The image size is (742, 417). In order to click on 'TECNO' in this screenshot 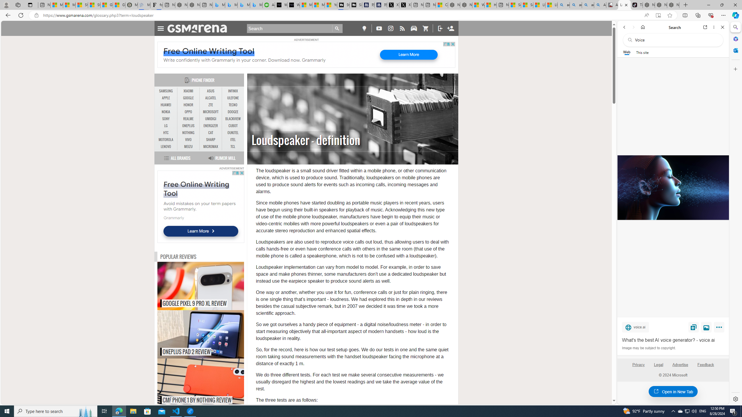, I will do `click(233, 105)`.